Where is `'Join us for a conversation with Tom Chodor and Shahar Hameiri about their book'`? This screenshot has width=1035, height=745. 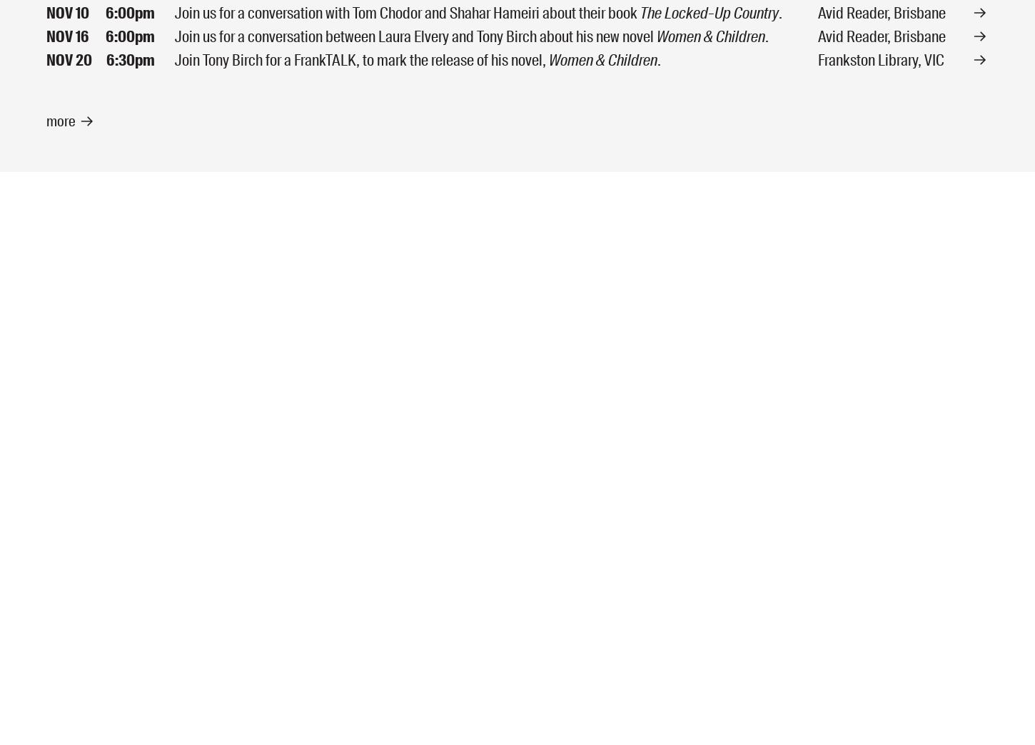 'Join us for a conversation with Tom Chodor and Shahar Hameiri about their book' is located at coordinates (408, 11).